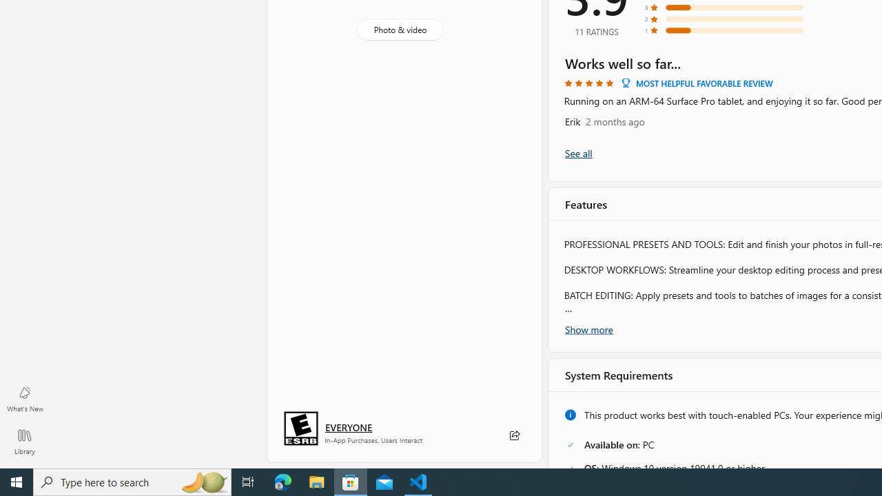 The image size is (882, 496). What do you see at coordinates (349, 426) in the screenshot?
I see `'Age rating: EVERYONE. Click for more information.'` at bounding box center [349, 426].